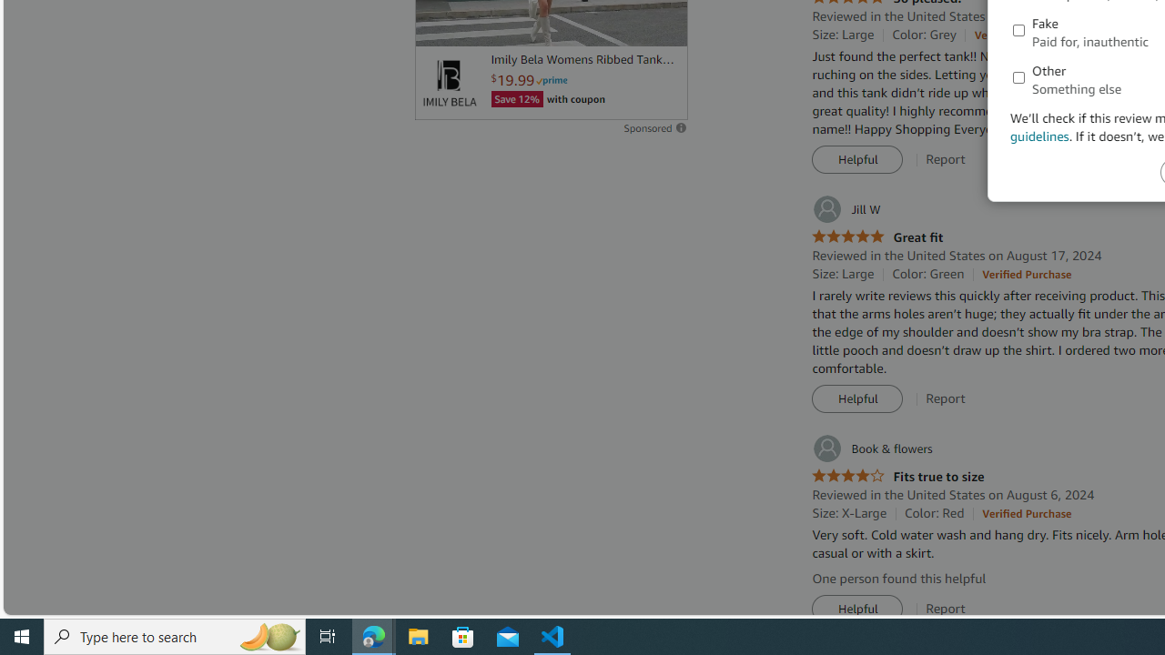 The image size is (1165, 655). What do you see at coordinates (551, 79) in the screenshot?
I see `'Prime'` at bounding box center [551, 79].